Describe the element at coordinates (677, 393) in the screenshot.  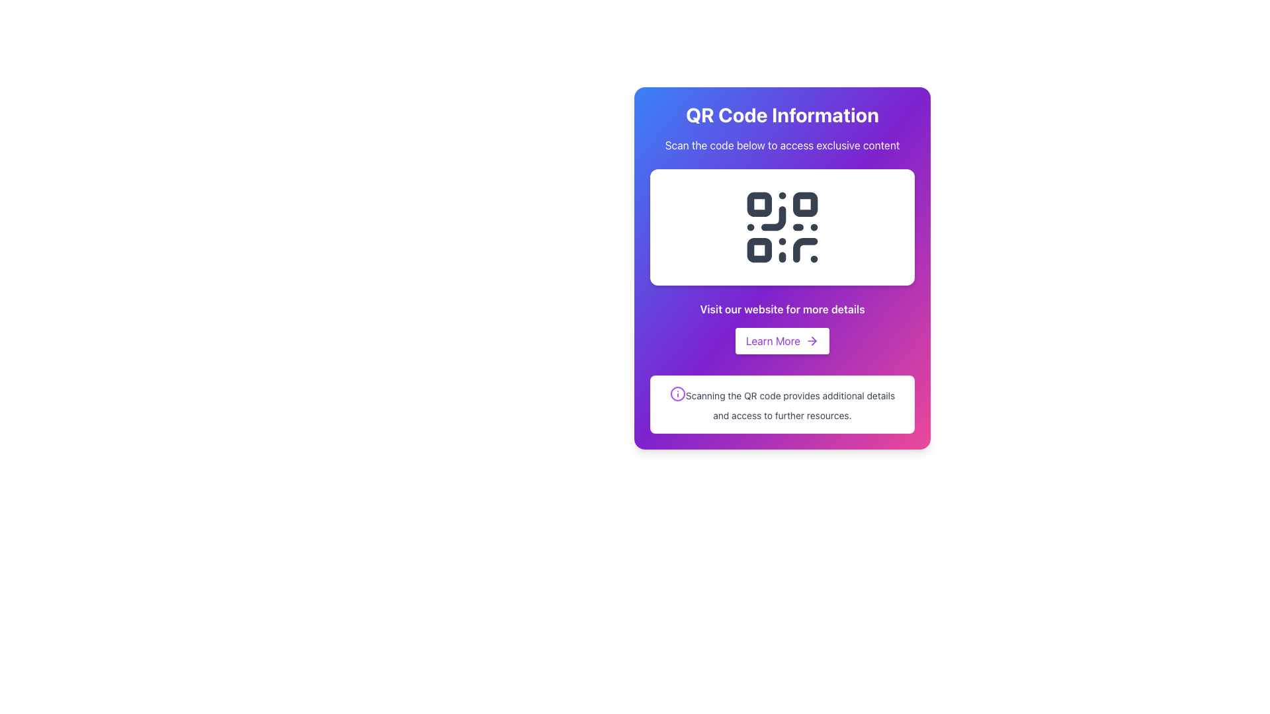
I see `the decorative icon located at the bottom-left corner of the panel with a white background, adjacent to the text describing QR code scanning` at that location.